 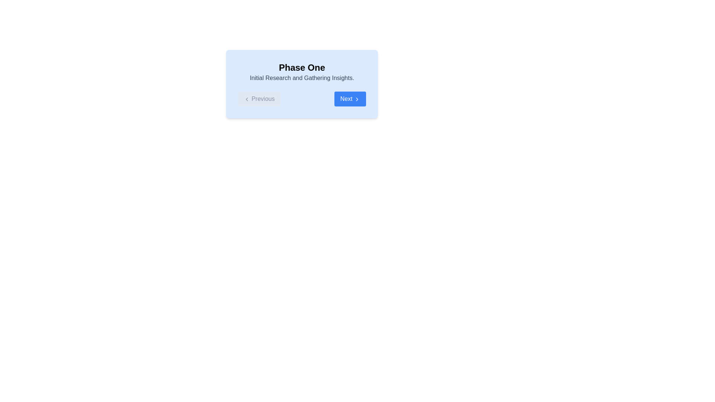 I want to click on the 'Next' button to proceed to the next phase, so click(x=350, y=99).